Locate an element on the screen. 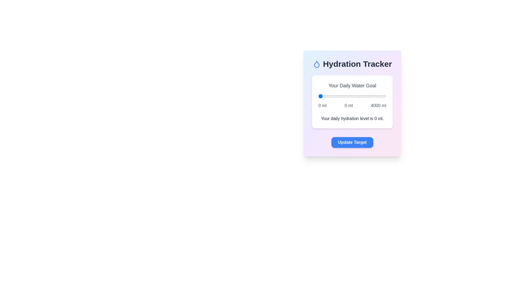 This screenshot has height=292, width=519. the water intake slider to 1528 ml is located at coordinates (344, 96).